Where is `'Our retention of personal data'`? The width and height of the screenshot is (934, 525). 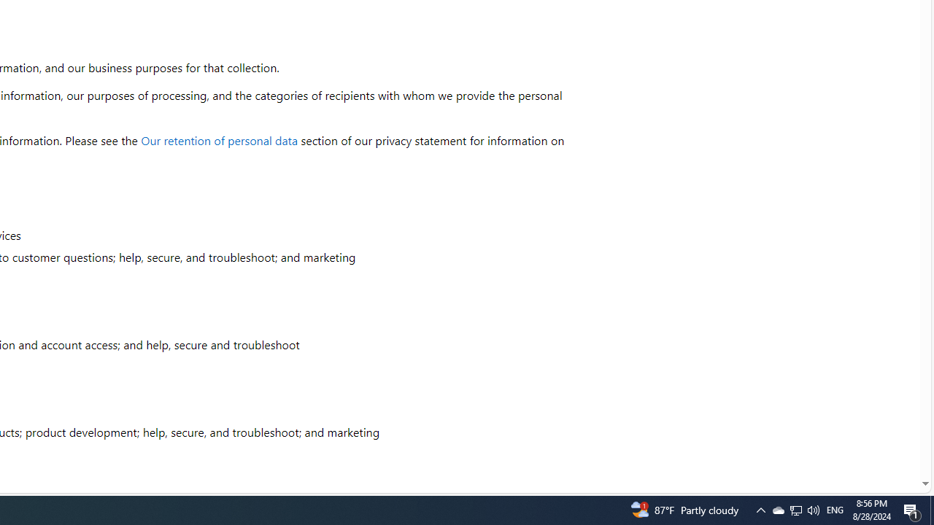 'Our retention of personal data' is located at coordinates (219, 140).